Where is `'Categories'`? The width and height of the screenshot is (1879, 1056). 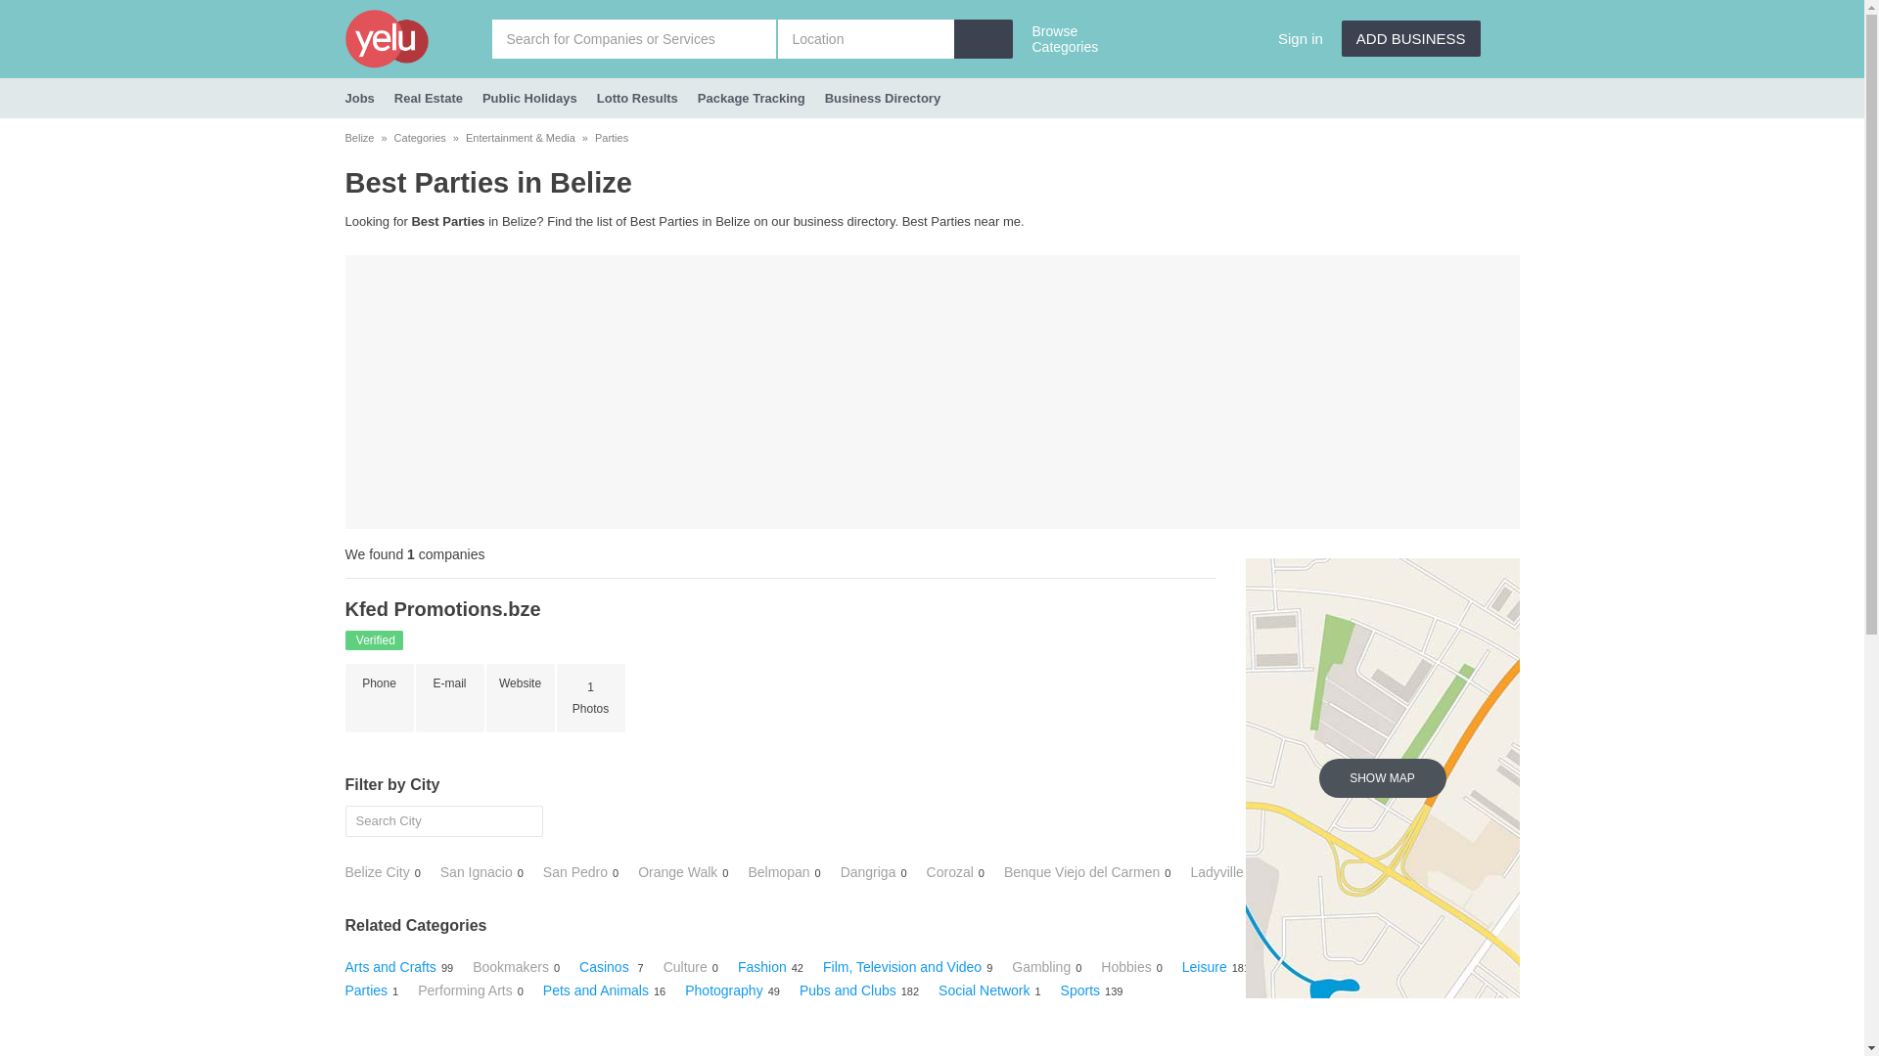 'Categories' is located at coordinates (419, 137).